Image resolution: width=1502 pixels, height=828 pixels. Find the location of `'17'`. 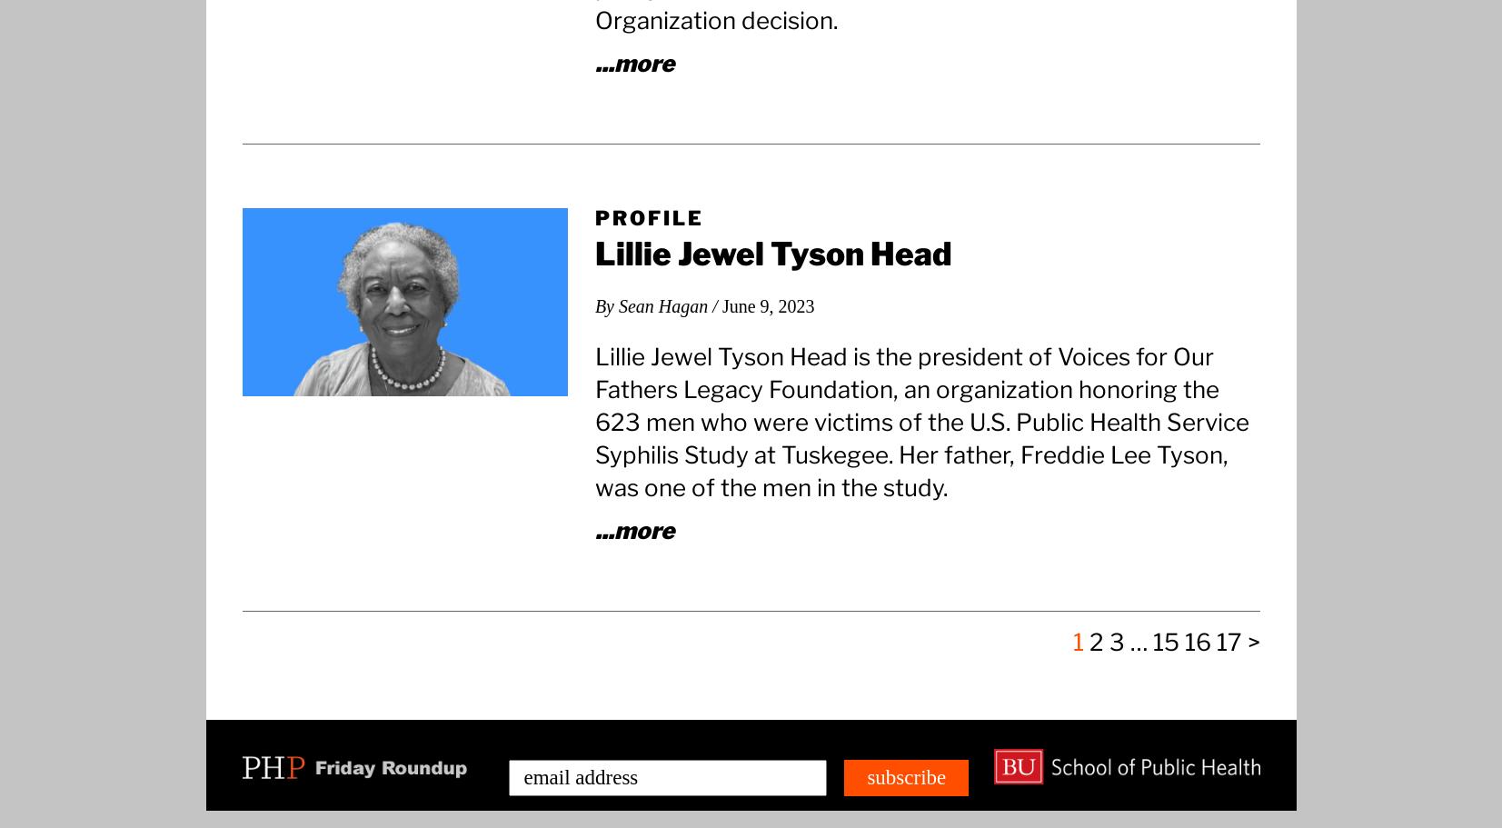

'17' is located at coordinates (1228, 641).